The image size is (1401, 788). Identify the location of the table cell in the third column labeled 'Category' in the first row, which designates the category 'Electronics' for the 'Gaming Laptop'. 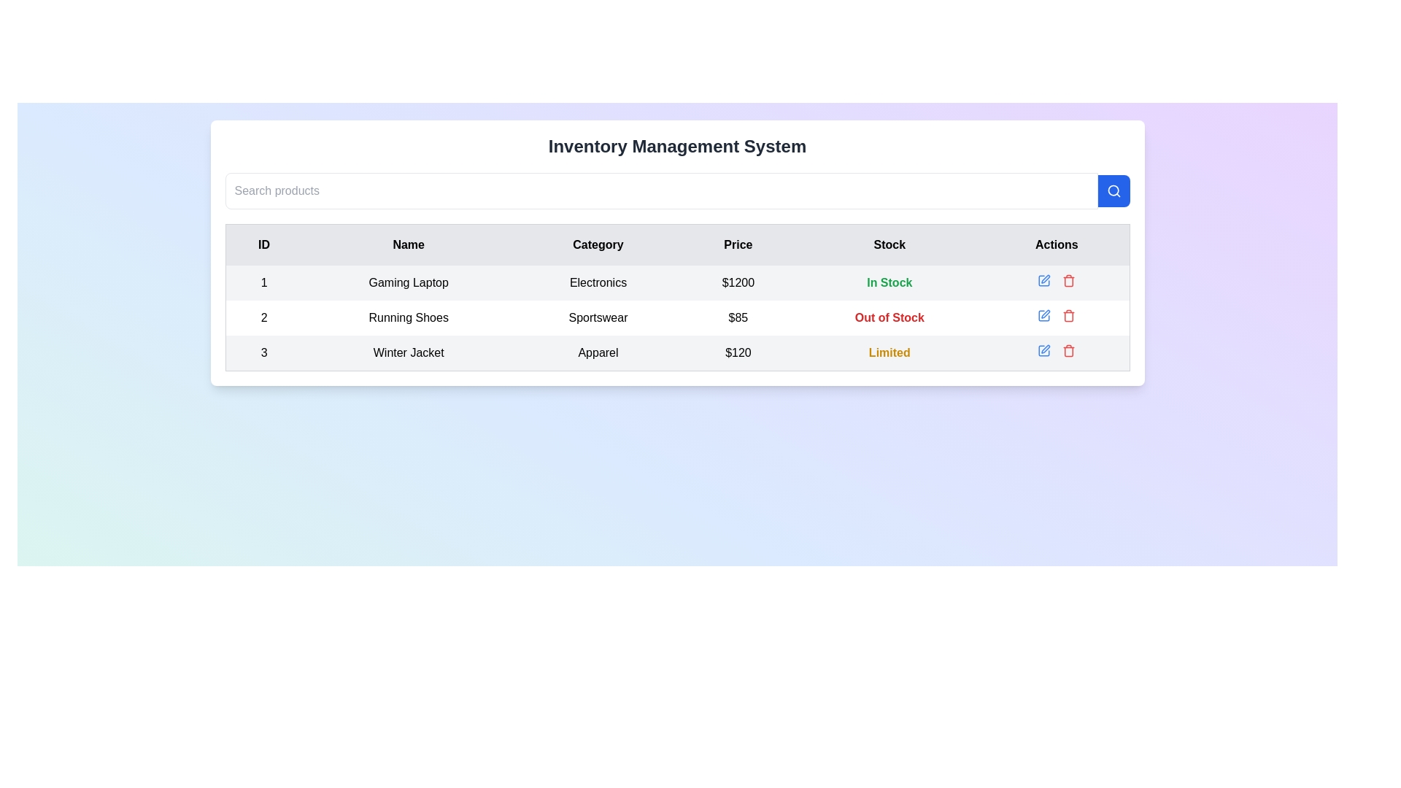
(598, 283).